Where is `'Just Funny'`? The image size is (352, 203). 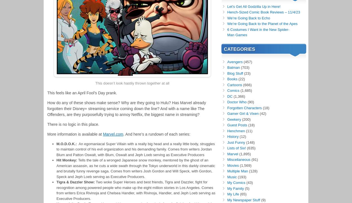 'Just Funny' is located at coordinates (236, 142).